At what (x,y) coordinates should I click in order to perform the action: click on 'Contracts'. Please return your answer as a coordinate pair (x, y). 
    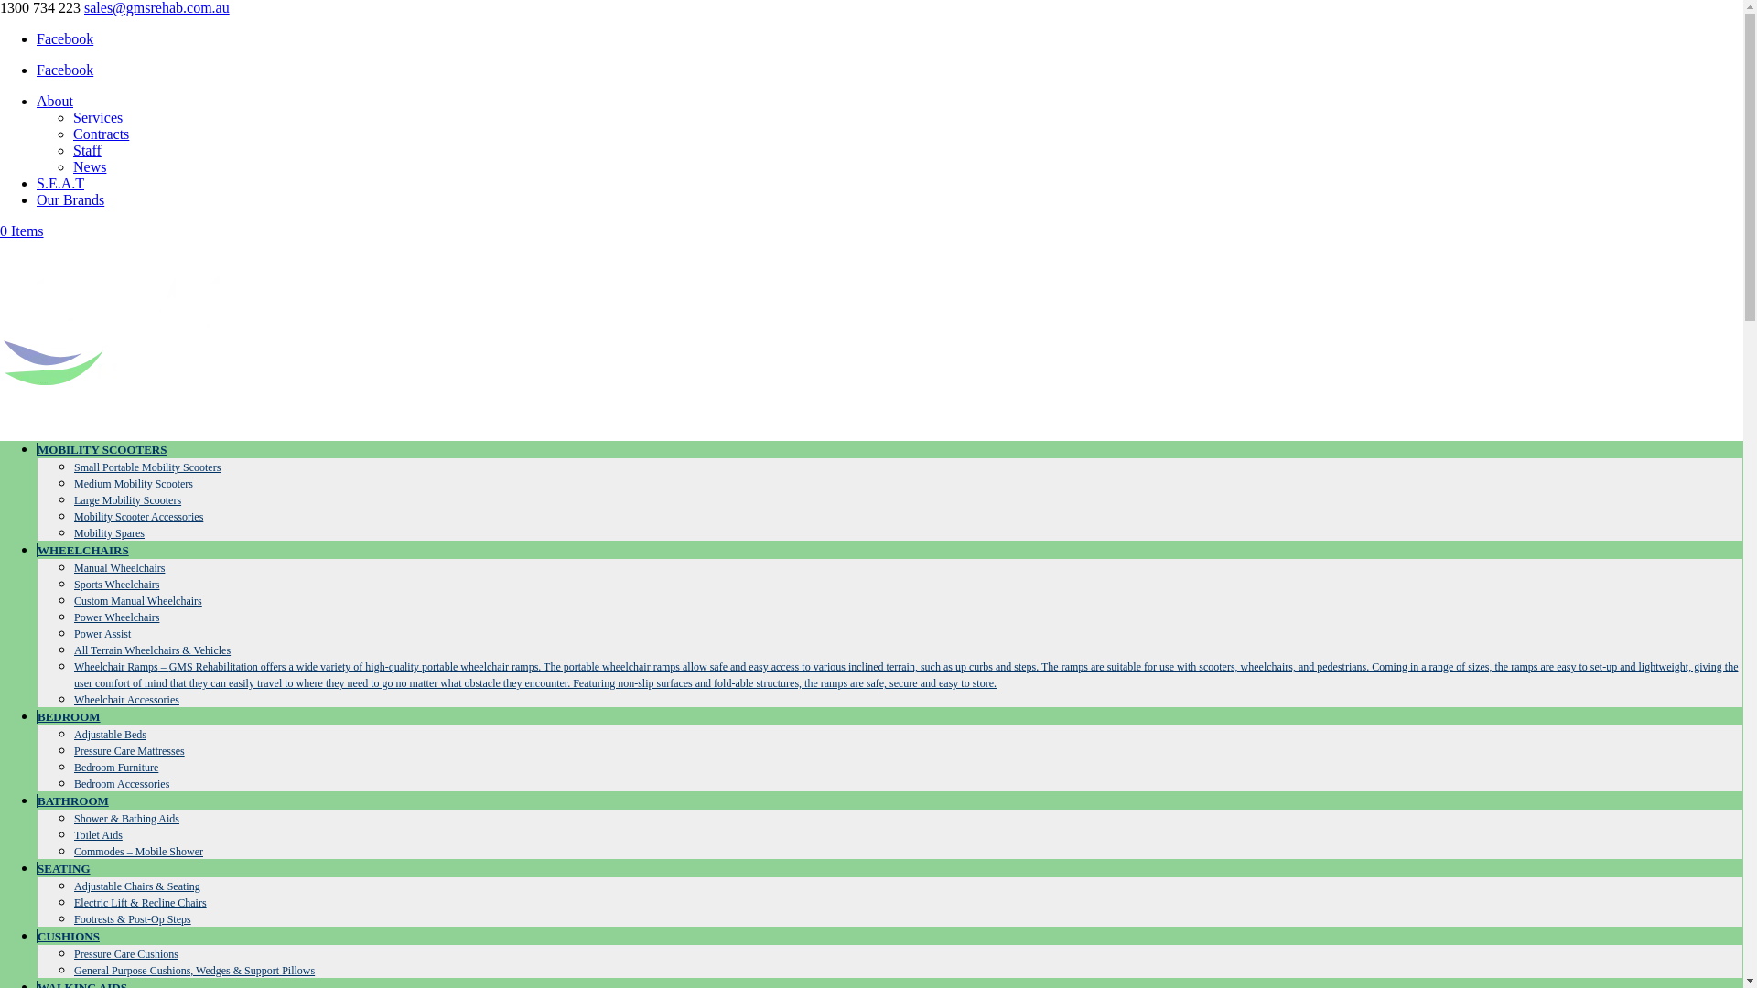
    Looking at the image, I should click on (100, 133).